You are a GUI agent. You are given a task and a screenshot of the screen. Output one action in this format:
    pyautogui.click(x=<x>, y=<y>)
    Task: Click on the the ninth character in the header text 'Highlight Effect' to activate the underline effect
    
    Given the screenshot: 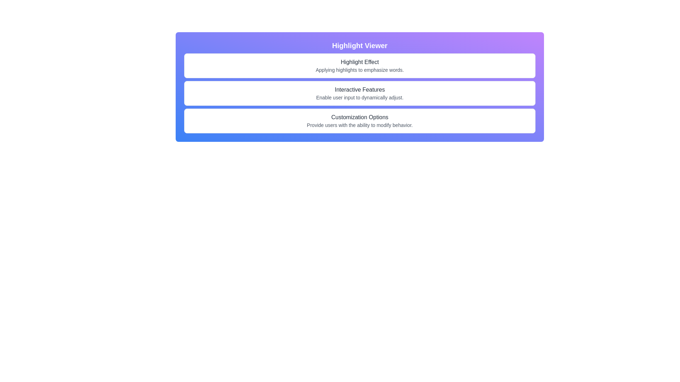 What is the action you would take?
    pyautogui.click(x=362, y=62)
    